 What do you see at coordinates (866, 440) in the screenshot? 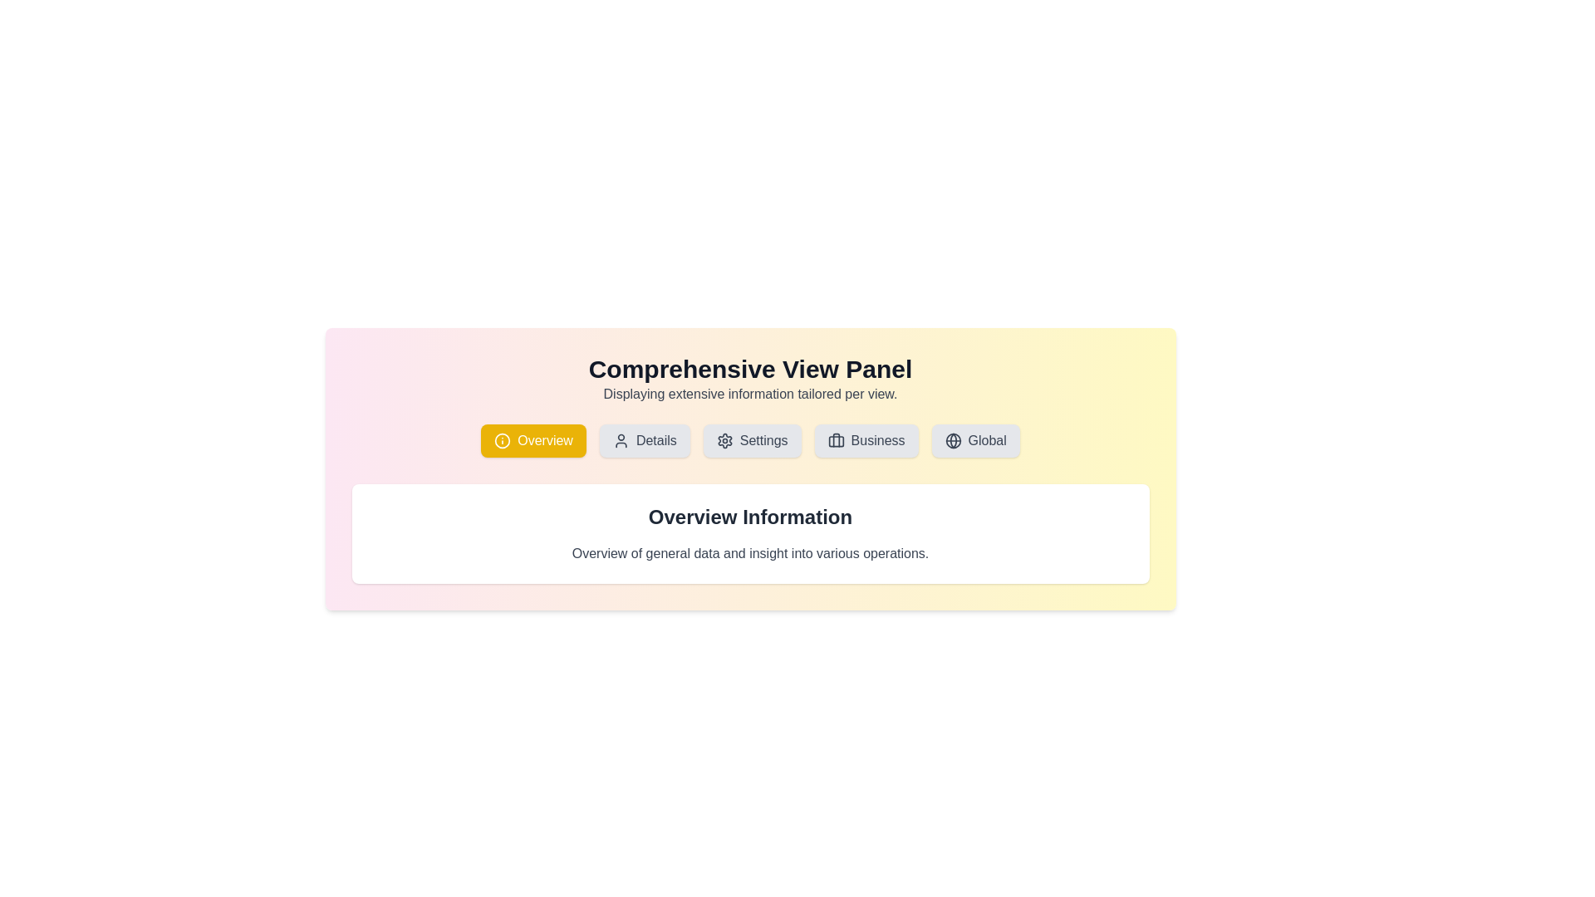
I see `the 'Business' button in the navigation bar, which features a briefcase icon and a light gray background` at bounding box center [866, 440].